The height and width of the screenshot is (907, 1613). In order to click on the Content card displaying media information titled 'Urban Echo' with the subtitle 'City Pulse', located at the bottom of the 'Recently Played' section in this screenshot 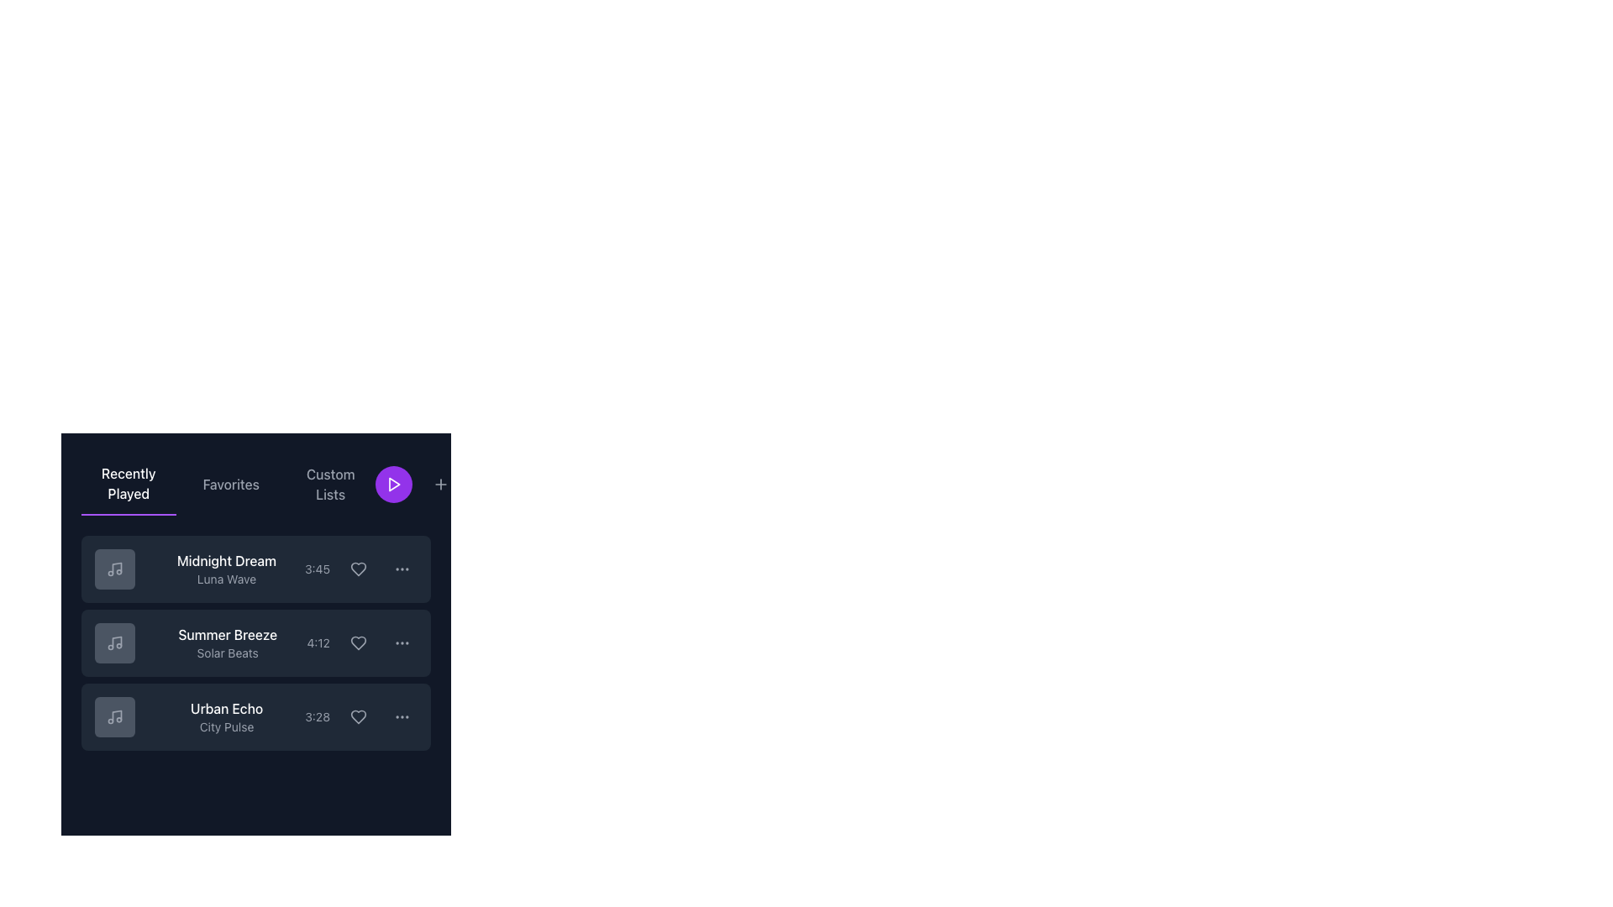, I will do `click(255, 716)`.